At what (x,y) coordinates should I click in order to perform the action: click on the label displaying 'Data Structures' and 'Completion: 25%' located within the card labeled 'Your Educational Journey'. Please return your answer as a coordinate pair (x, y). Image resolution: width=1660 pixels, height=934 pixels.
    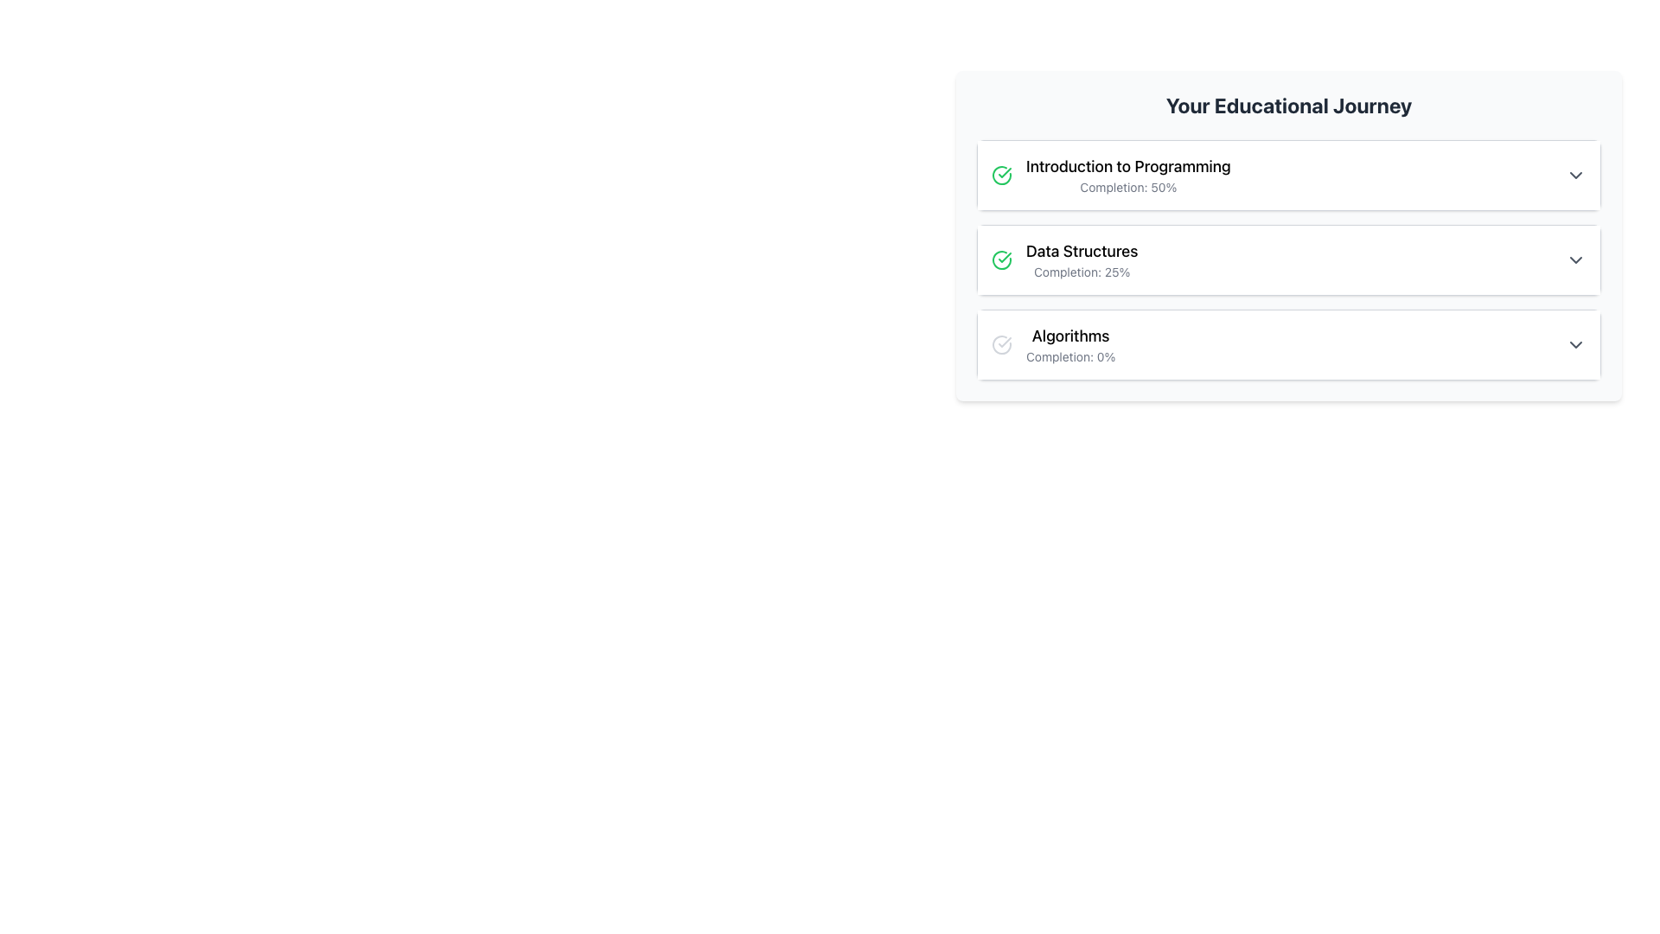
    Looking at the image, I should click on (1081, 259).